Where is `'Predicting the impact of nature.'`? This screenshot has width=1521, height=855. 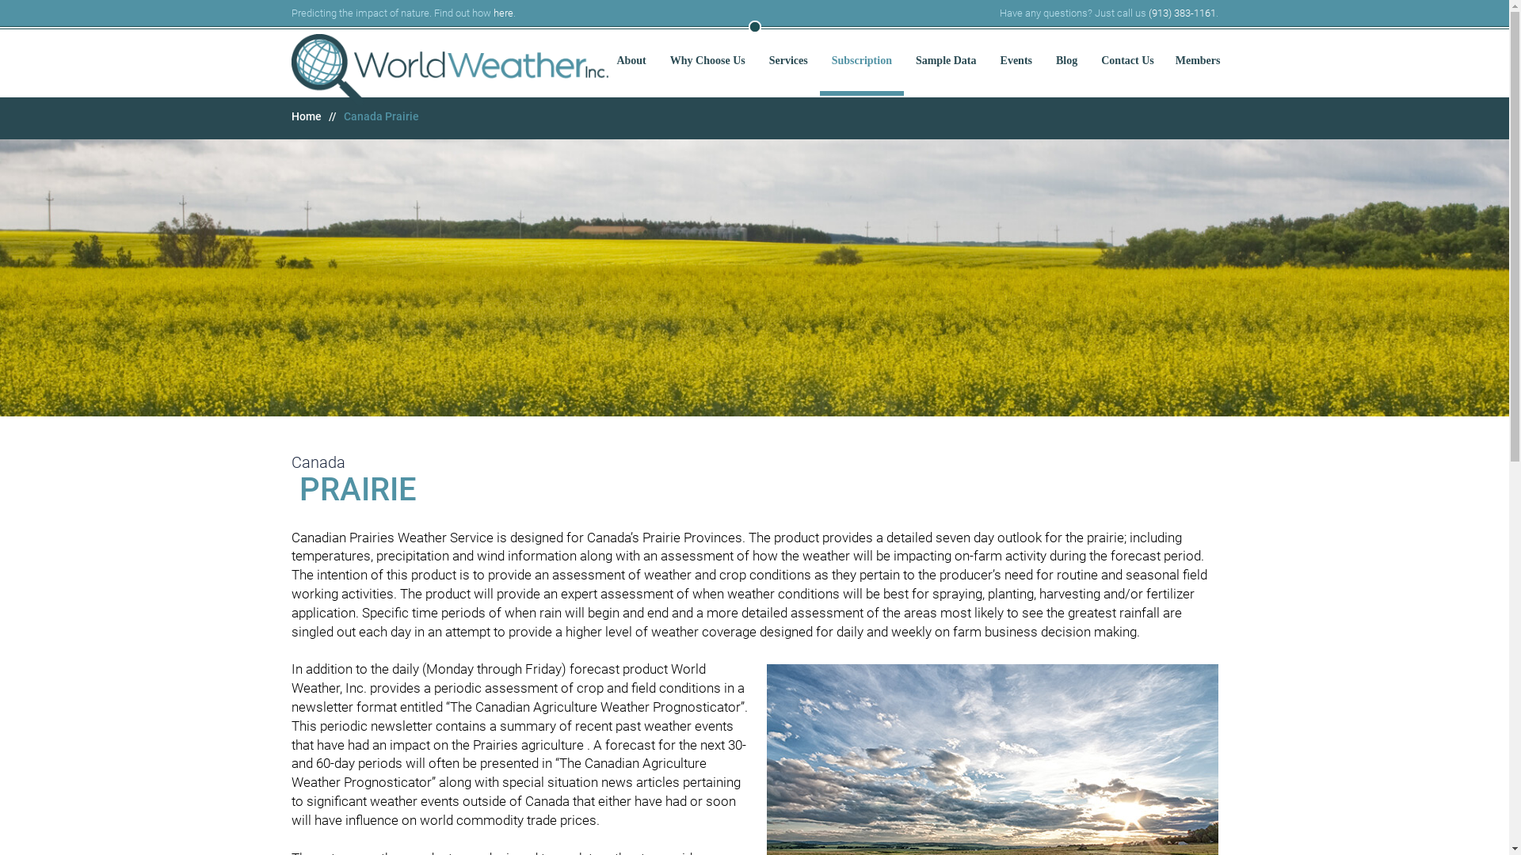 'Predicting the impact of nature.' is located at coordinates (448, 69).